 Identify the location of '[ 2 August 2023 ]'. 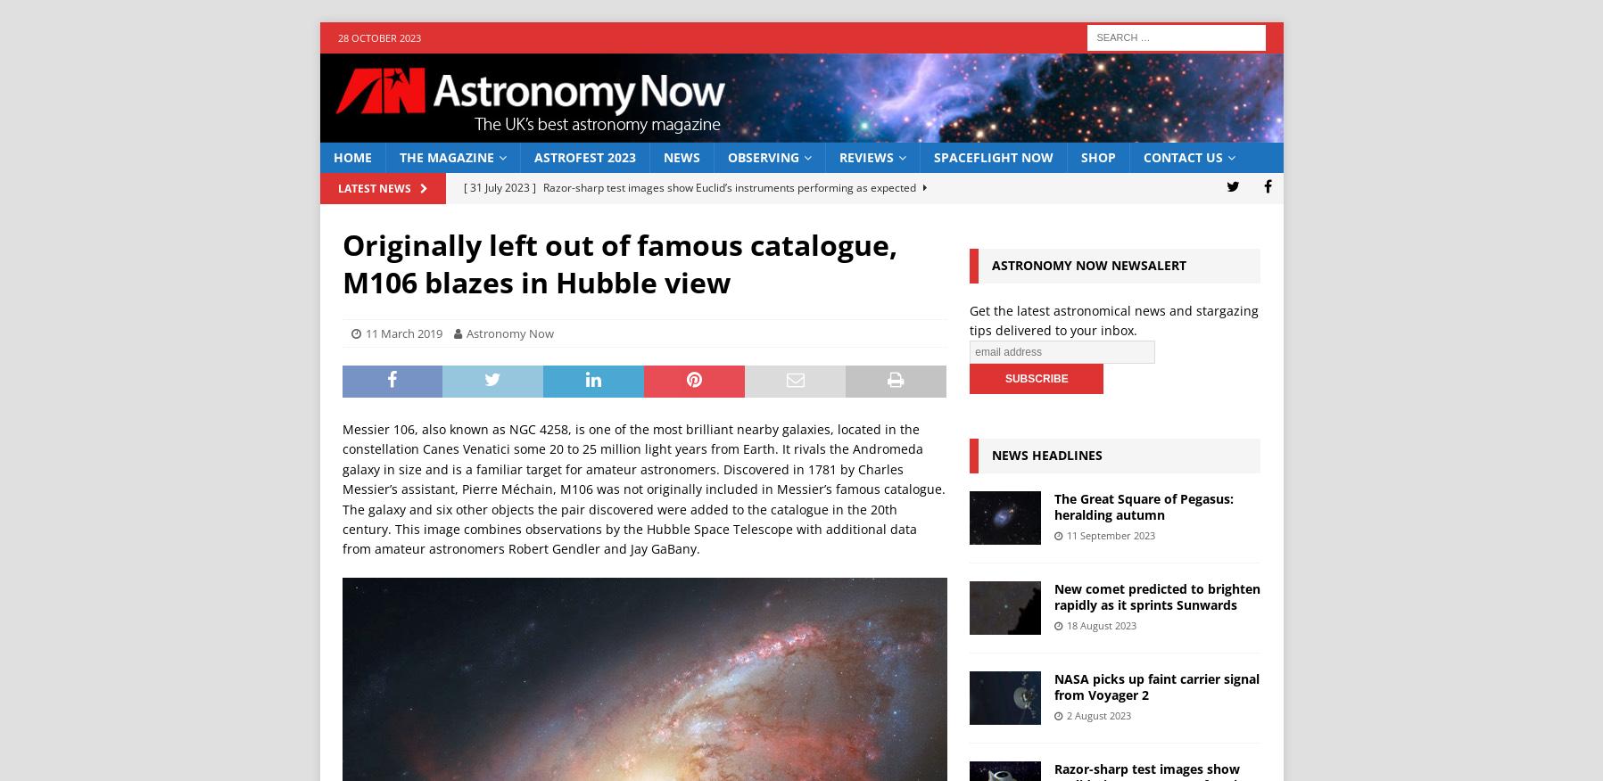
(506, 325).